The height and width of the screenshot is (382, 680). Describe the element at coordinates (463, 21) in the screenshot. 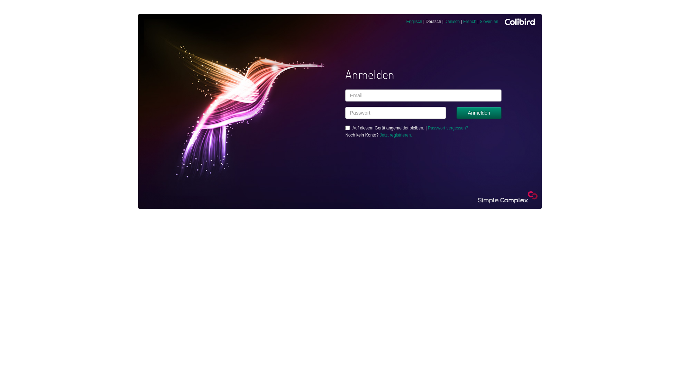

I see `'French'` at that location.